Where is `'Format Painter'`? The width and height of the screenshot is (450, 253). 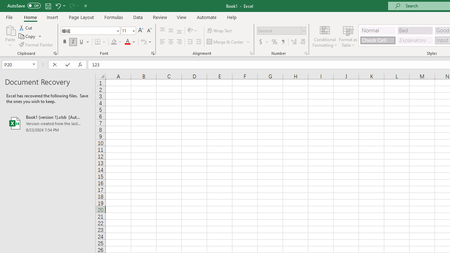 'Format Painter' is located at coordinates (36, 45).